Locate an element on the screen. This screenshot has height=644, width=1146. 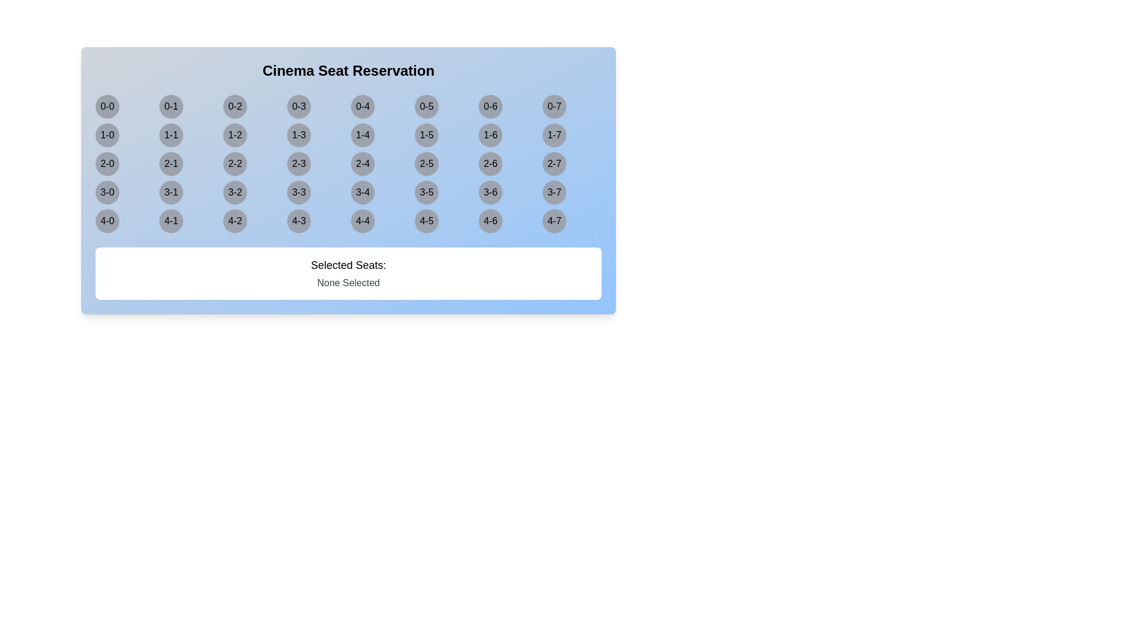
the text header 'Cinema Seat Reservation' which is styled in bold and large font, located at the top of the seat selection panel is located at coordinates (348, 71).